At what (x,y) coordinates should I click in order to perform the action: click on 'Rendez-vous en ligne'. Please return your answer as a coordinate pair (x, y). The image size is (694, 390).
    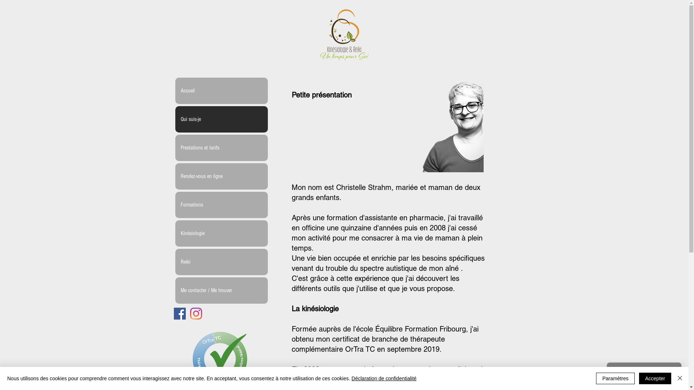
    Looking at the image, I should click on (220, 176).